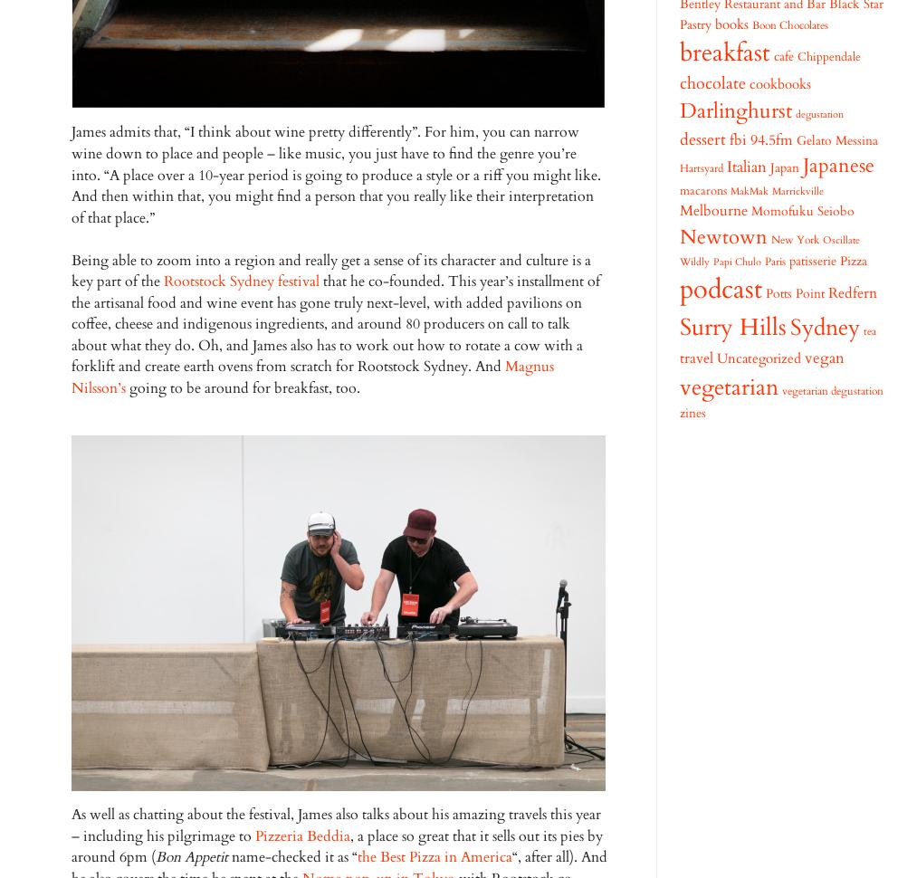  Describe the element at coordinates (852, 292) in the screenshot. I see `'Redfern'` at that location.